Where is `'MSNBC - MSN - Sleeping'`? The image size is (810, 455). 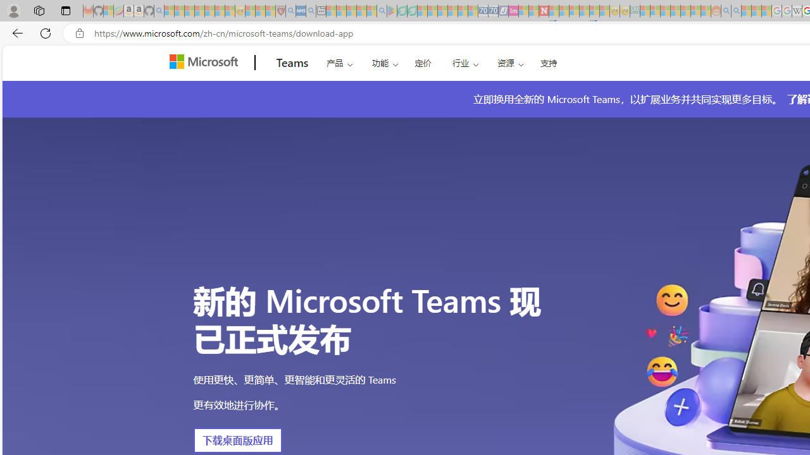 'MSNBC - MSN - Sleeping' is located at coordinates (645, 11).